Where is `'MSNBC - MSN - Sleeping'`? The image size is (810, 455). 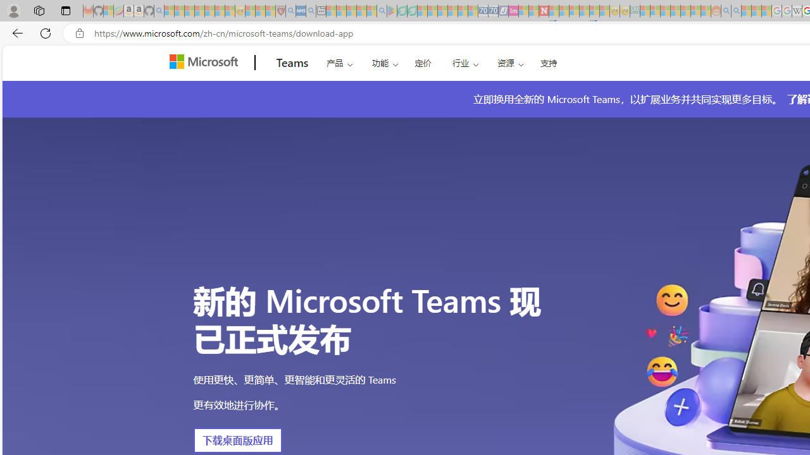 'MSNBC - MSN - Sleeping' is located at coordinates (645, 11).